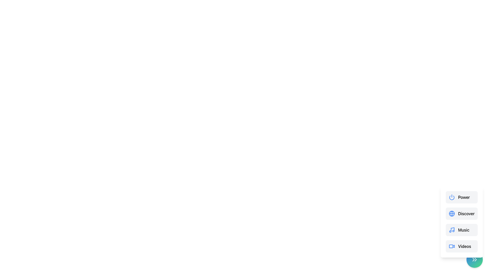 The height and width of the screenshot is (276, 491). Describe the element at coordinates (462, 246) in the screenshot. I see `the 'Videos' button, which is the last button in a vertical stack of buttons` at that location.